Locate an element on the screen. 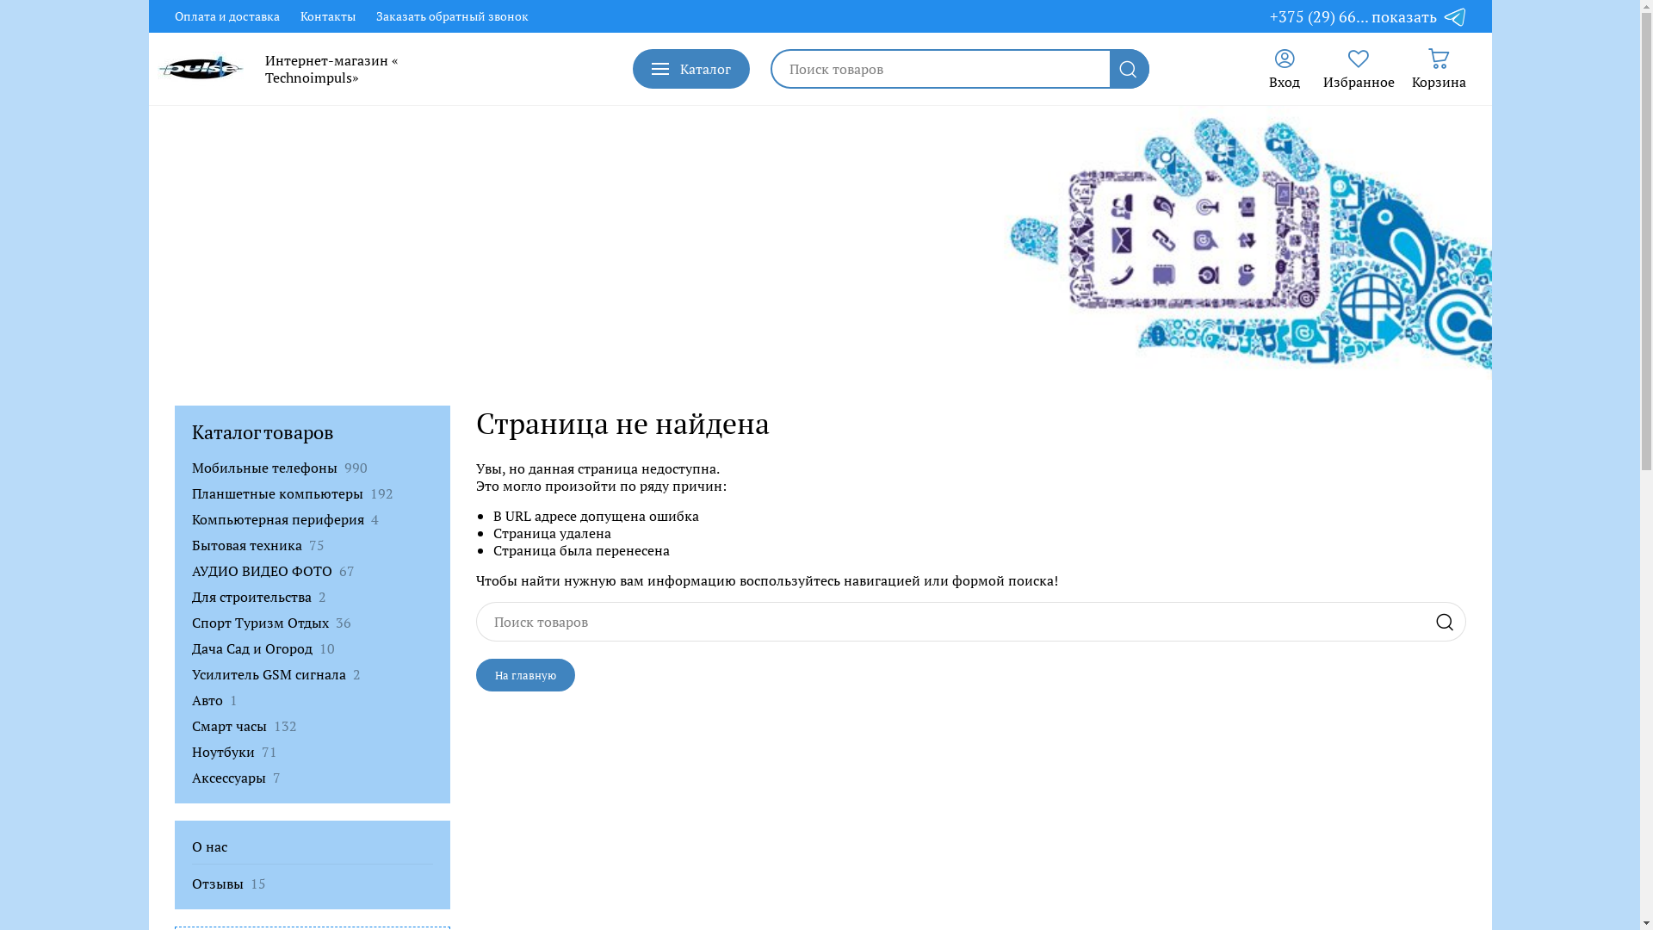 The image size is (1653, 930). 'Telegram' is located at coordinates (1445, 16).